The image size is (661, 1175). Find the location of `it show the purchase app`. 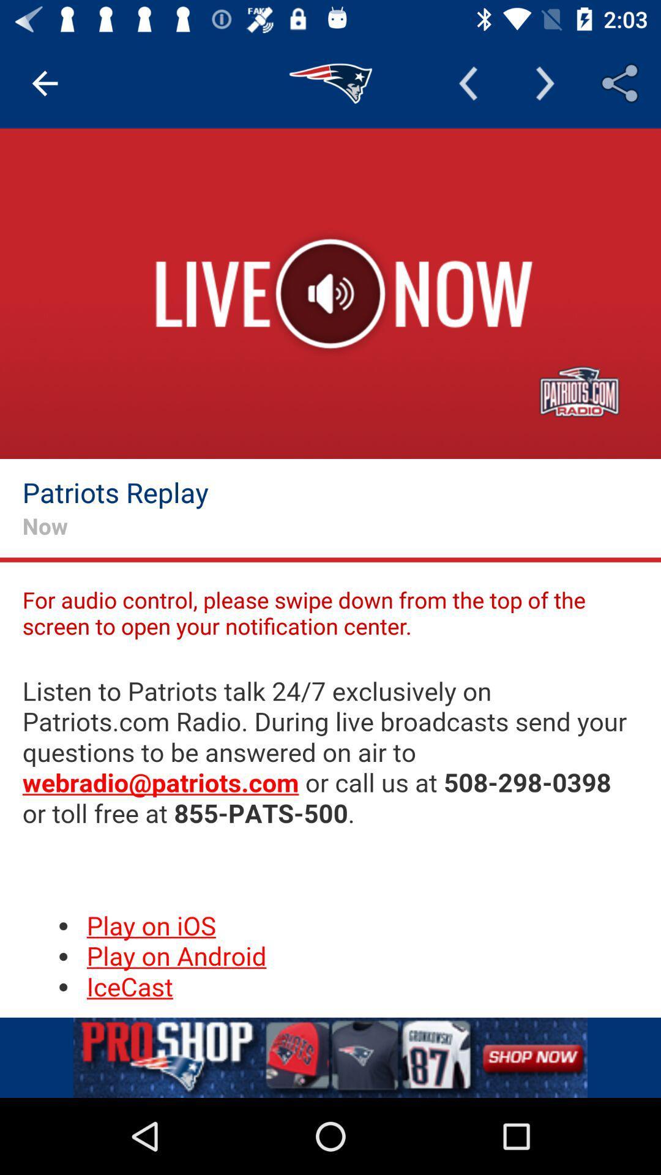

it show the purchase app is located at coordinates (330, 1057).